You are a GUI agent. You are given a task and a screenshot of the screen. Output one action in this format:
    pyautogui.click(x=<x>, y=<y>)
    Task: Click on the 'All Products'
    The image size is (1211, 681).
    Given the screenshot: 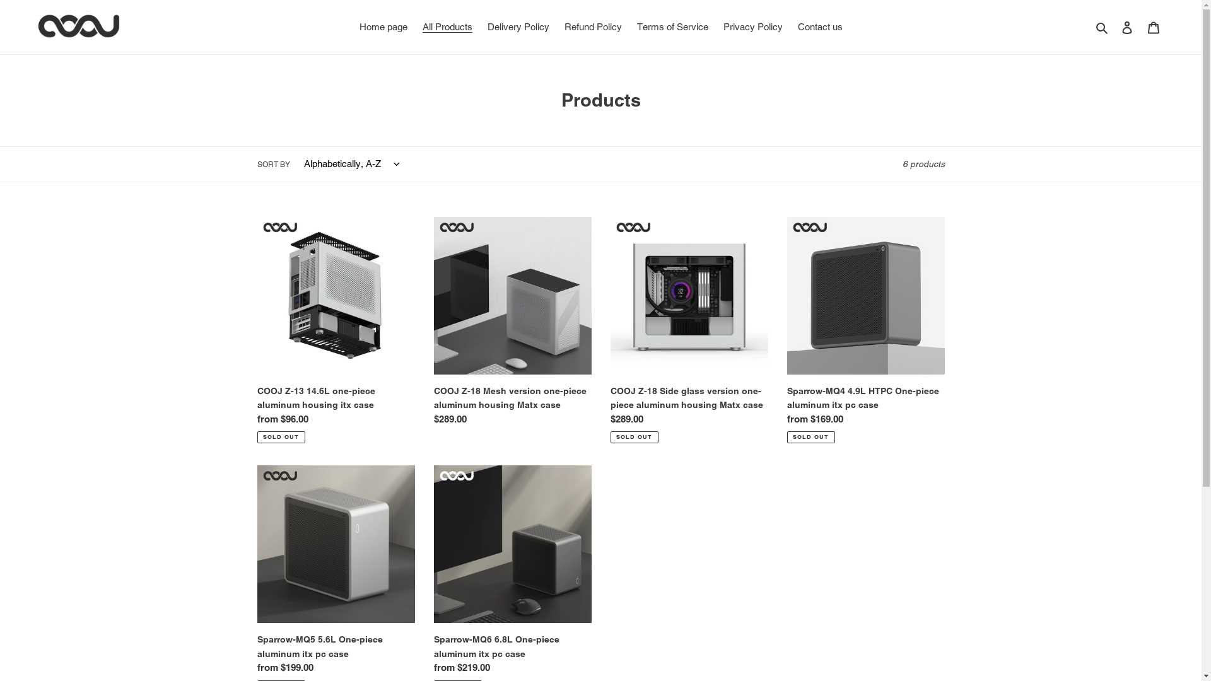 What is the action you would take?
    pyautogui.click(x=447, y=27)
    